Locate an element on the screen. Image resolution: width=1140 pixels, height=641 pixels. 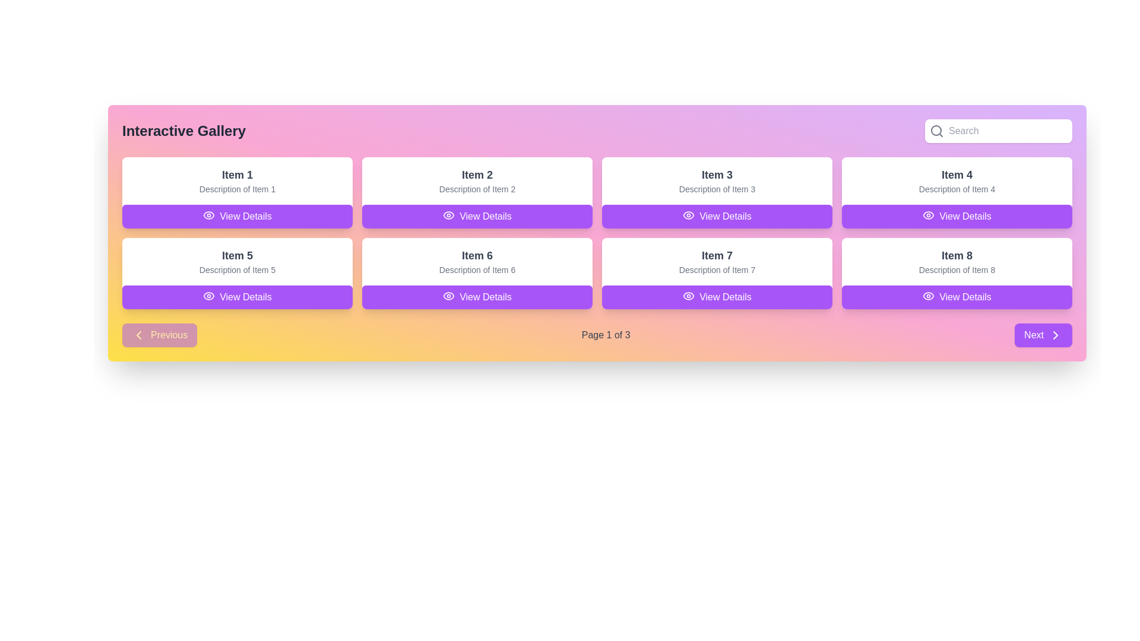
the label that serves as a title and description for the item, which is the third card from the left in the top row of the grid layout is located at coordinates (717, 180).